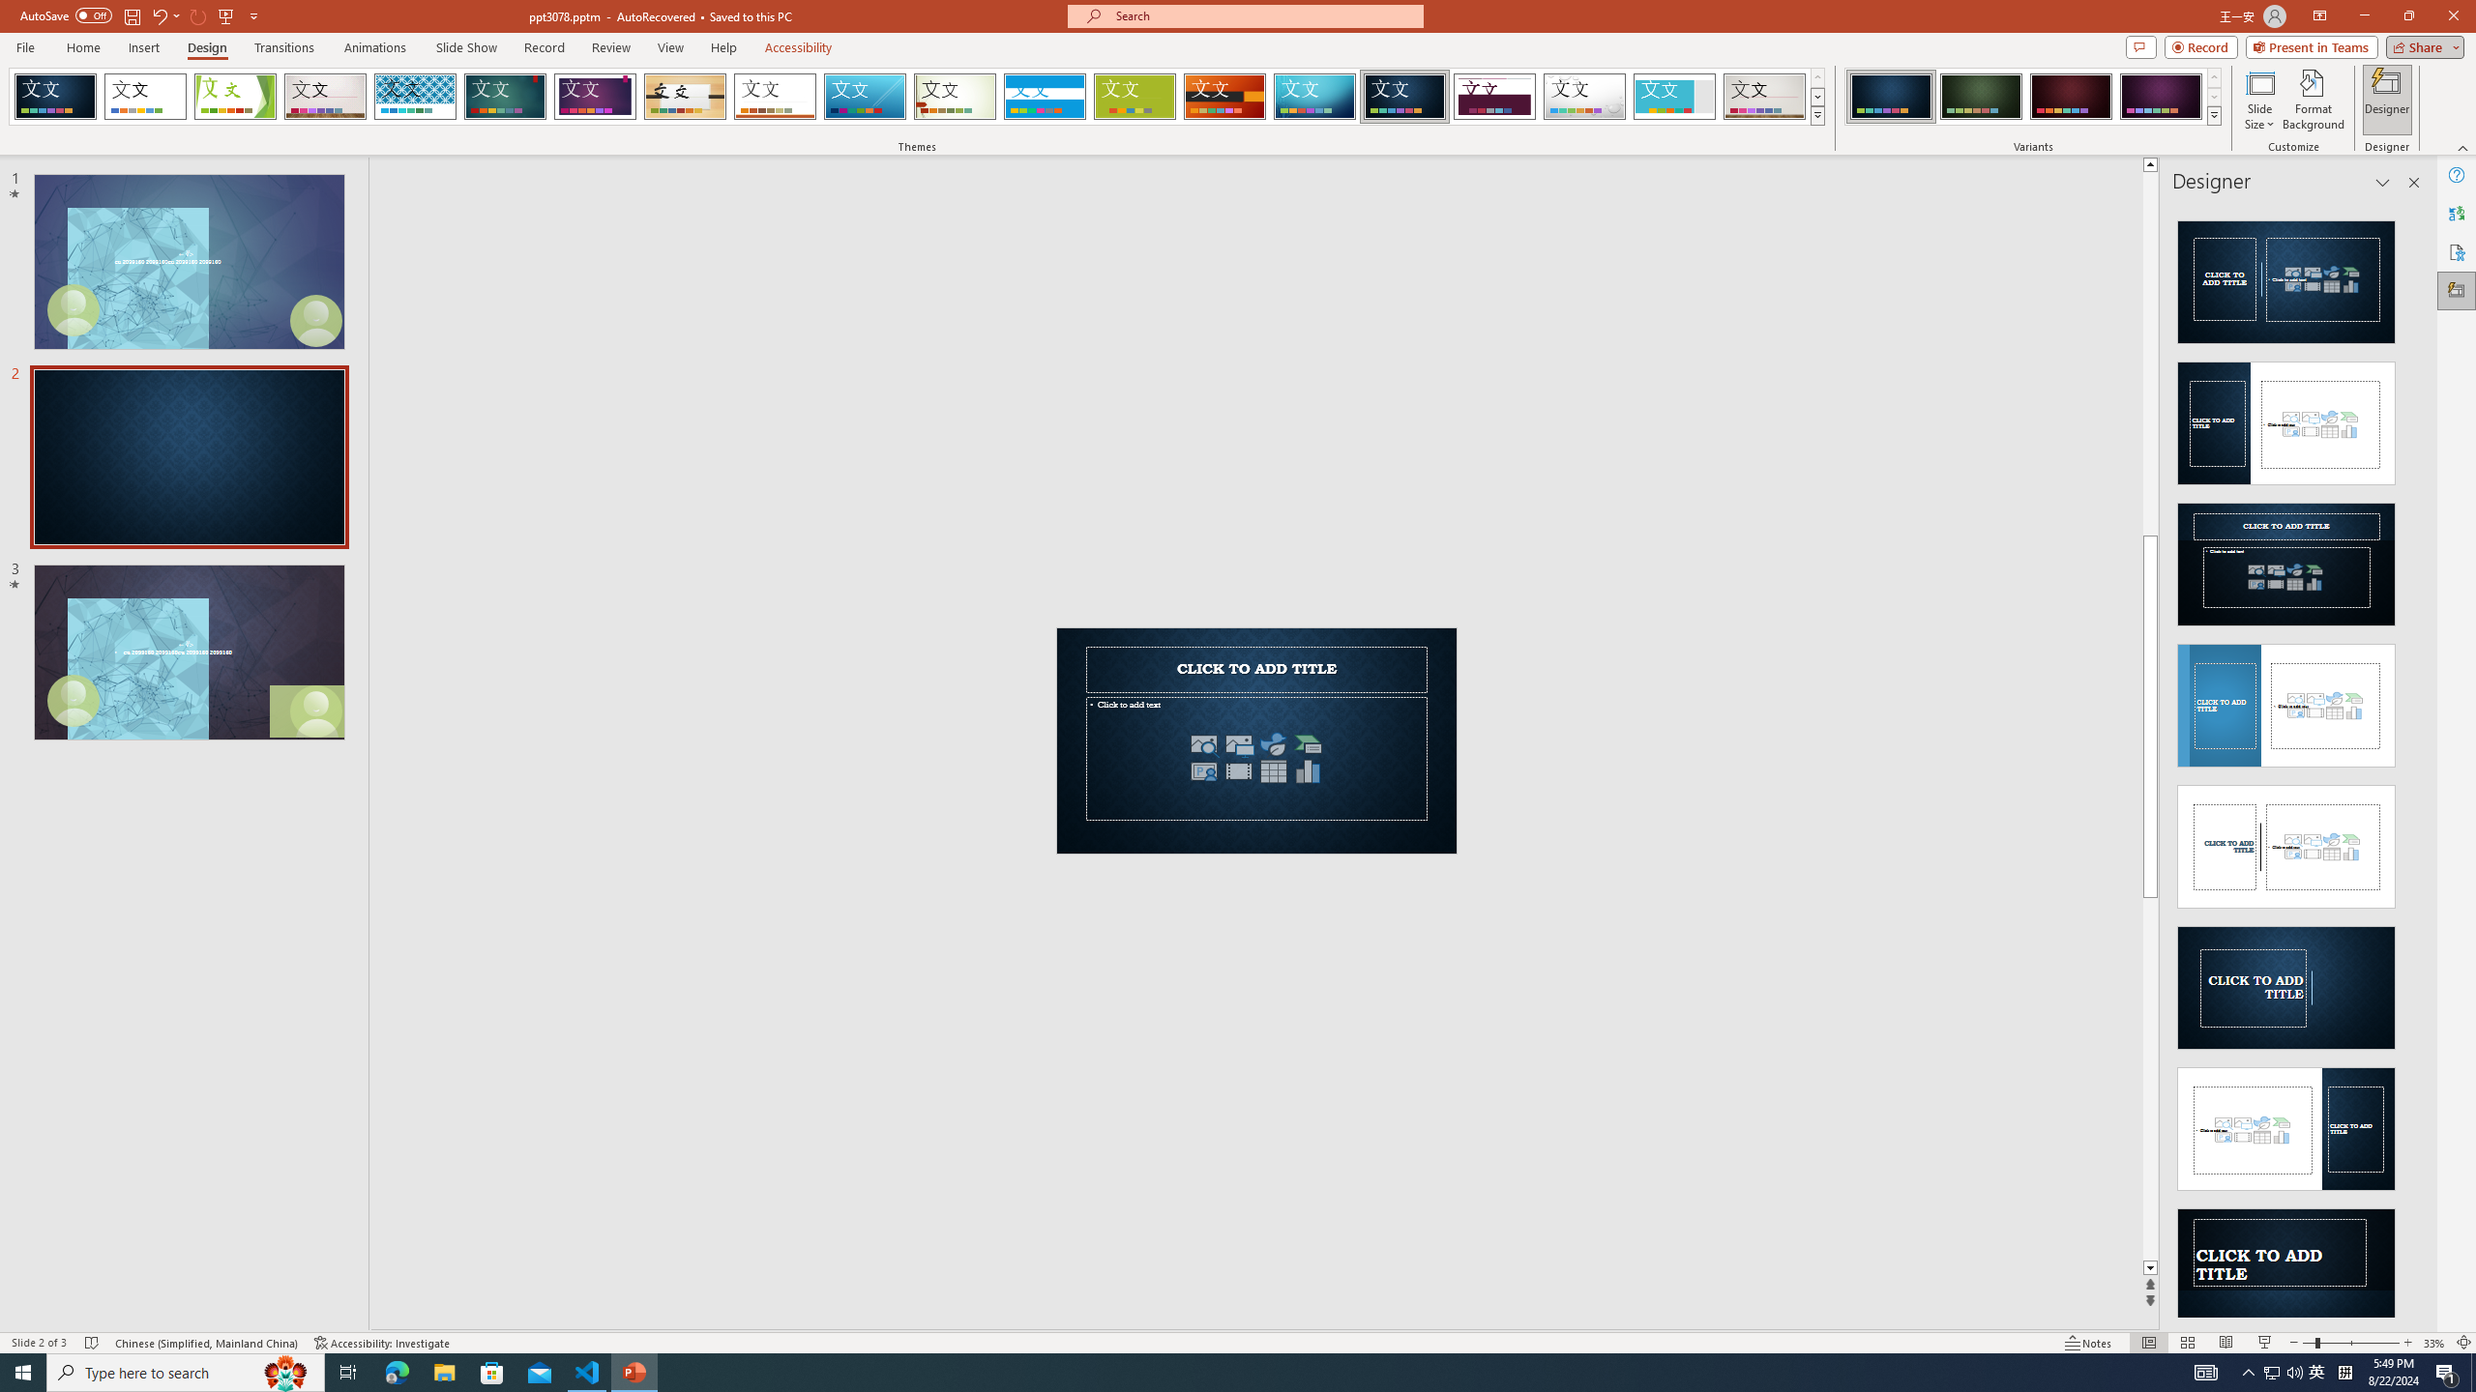 The image size is (2476, 1392). What do you see at coordinates (415, 96) in the screenshot?
I see `'Integral'` at bounding box center [415, 96].